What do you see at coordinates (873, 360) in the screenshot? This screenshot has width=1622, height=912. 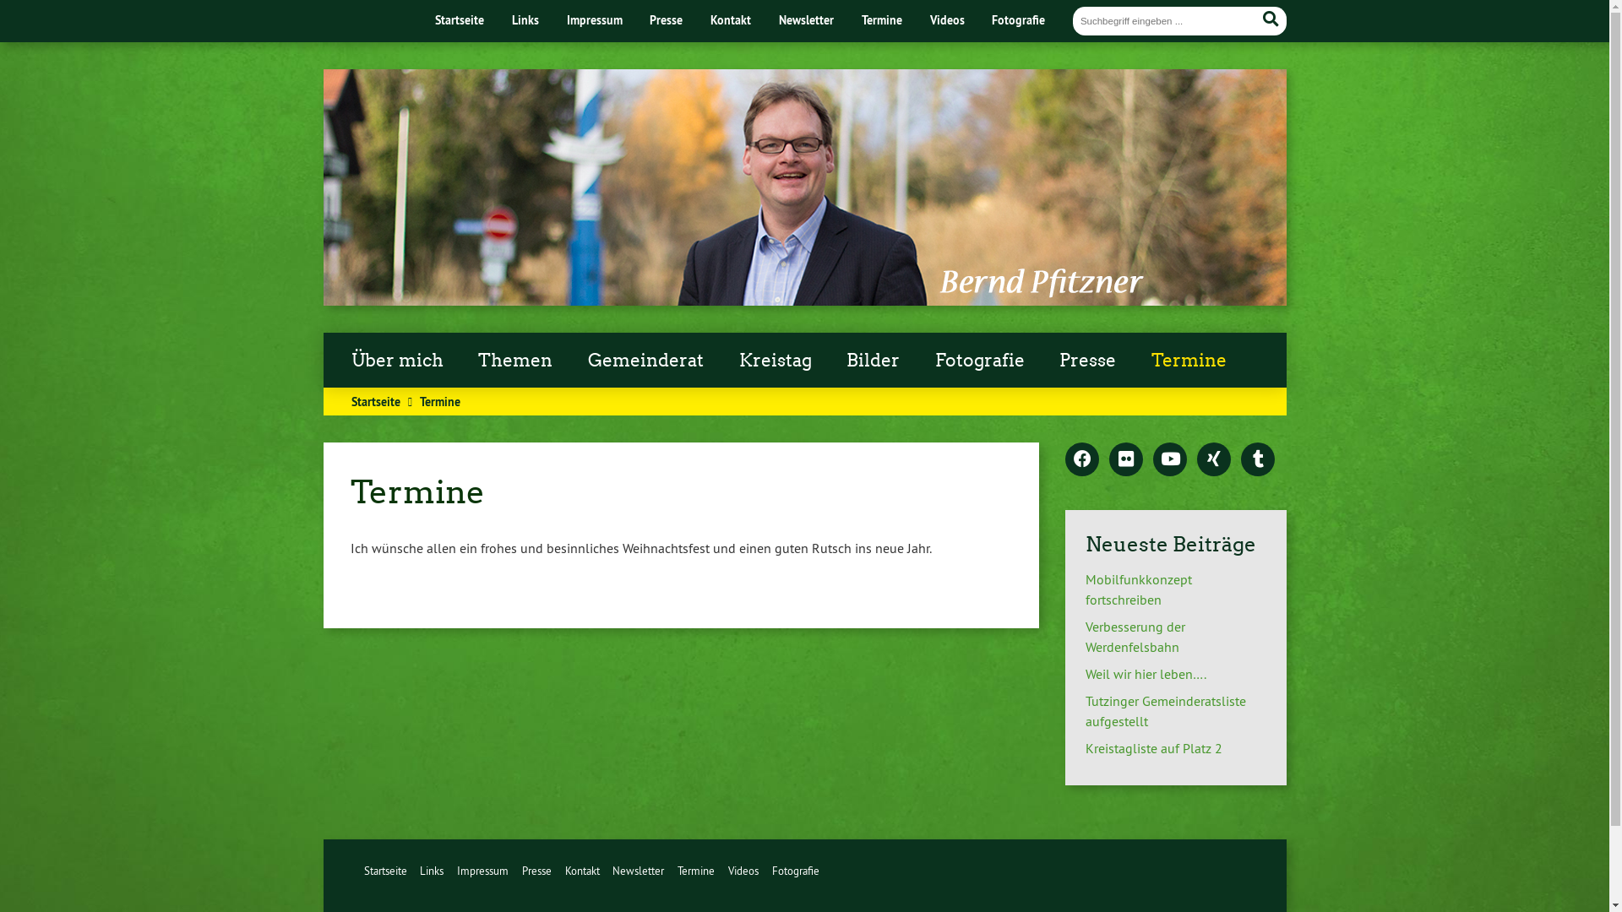 I see `'Bilder'` at bounding box center [873, 360].